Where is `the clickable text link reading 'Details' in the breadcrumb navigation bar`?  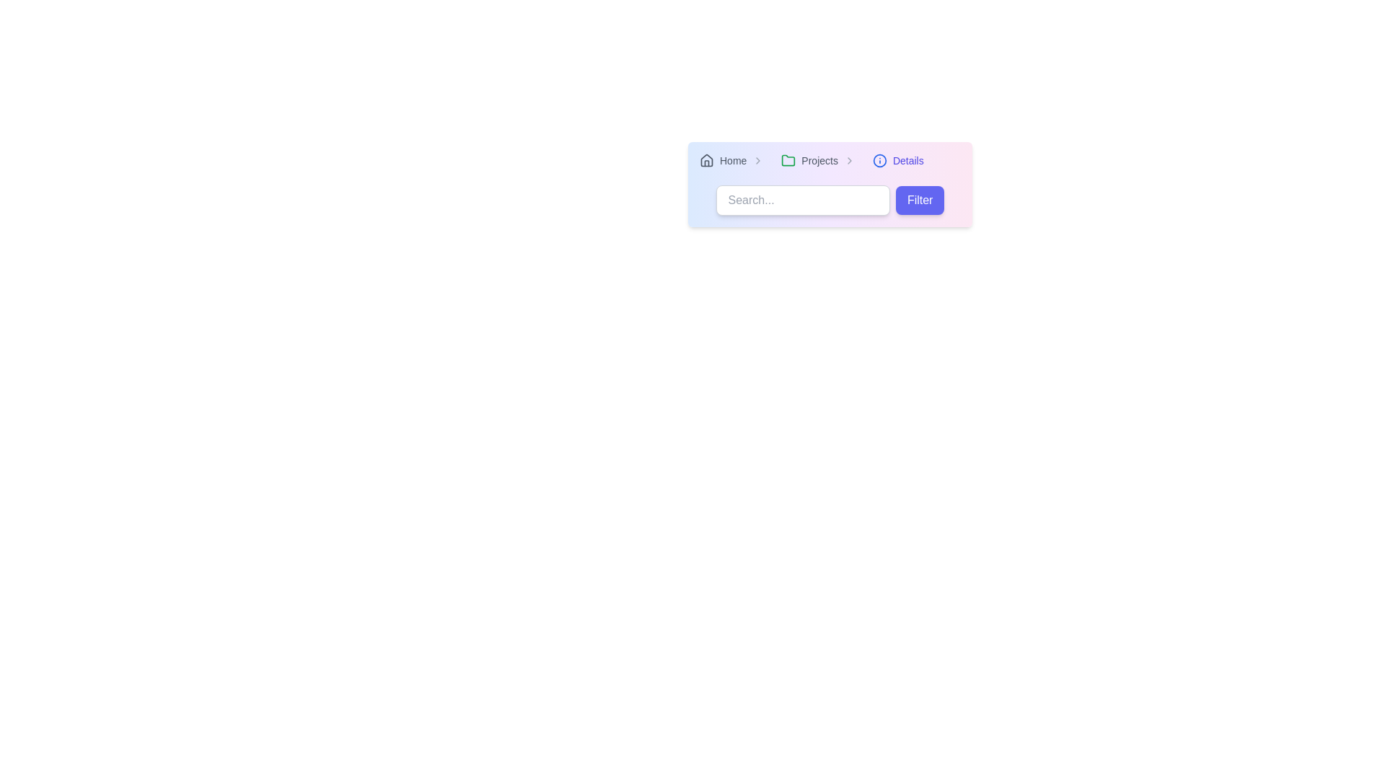
the clickable text link reading 'Details' in the breadcrumb navigation bar is located at coordinates (897, 161).